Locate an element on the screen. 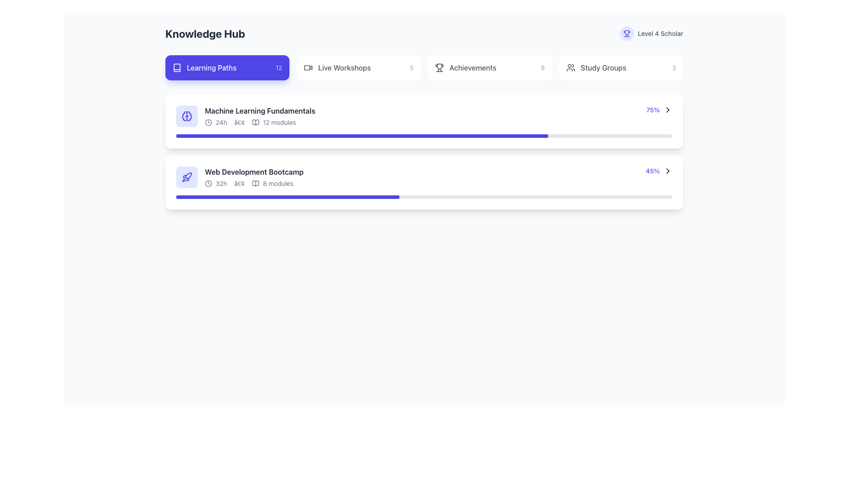  the left section of the brain-shaped SVG icon within the rounded square icon, located to the left of the text 'Machine Learning Fundamentals' in the top course card is located at coordinates (184, 115).